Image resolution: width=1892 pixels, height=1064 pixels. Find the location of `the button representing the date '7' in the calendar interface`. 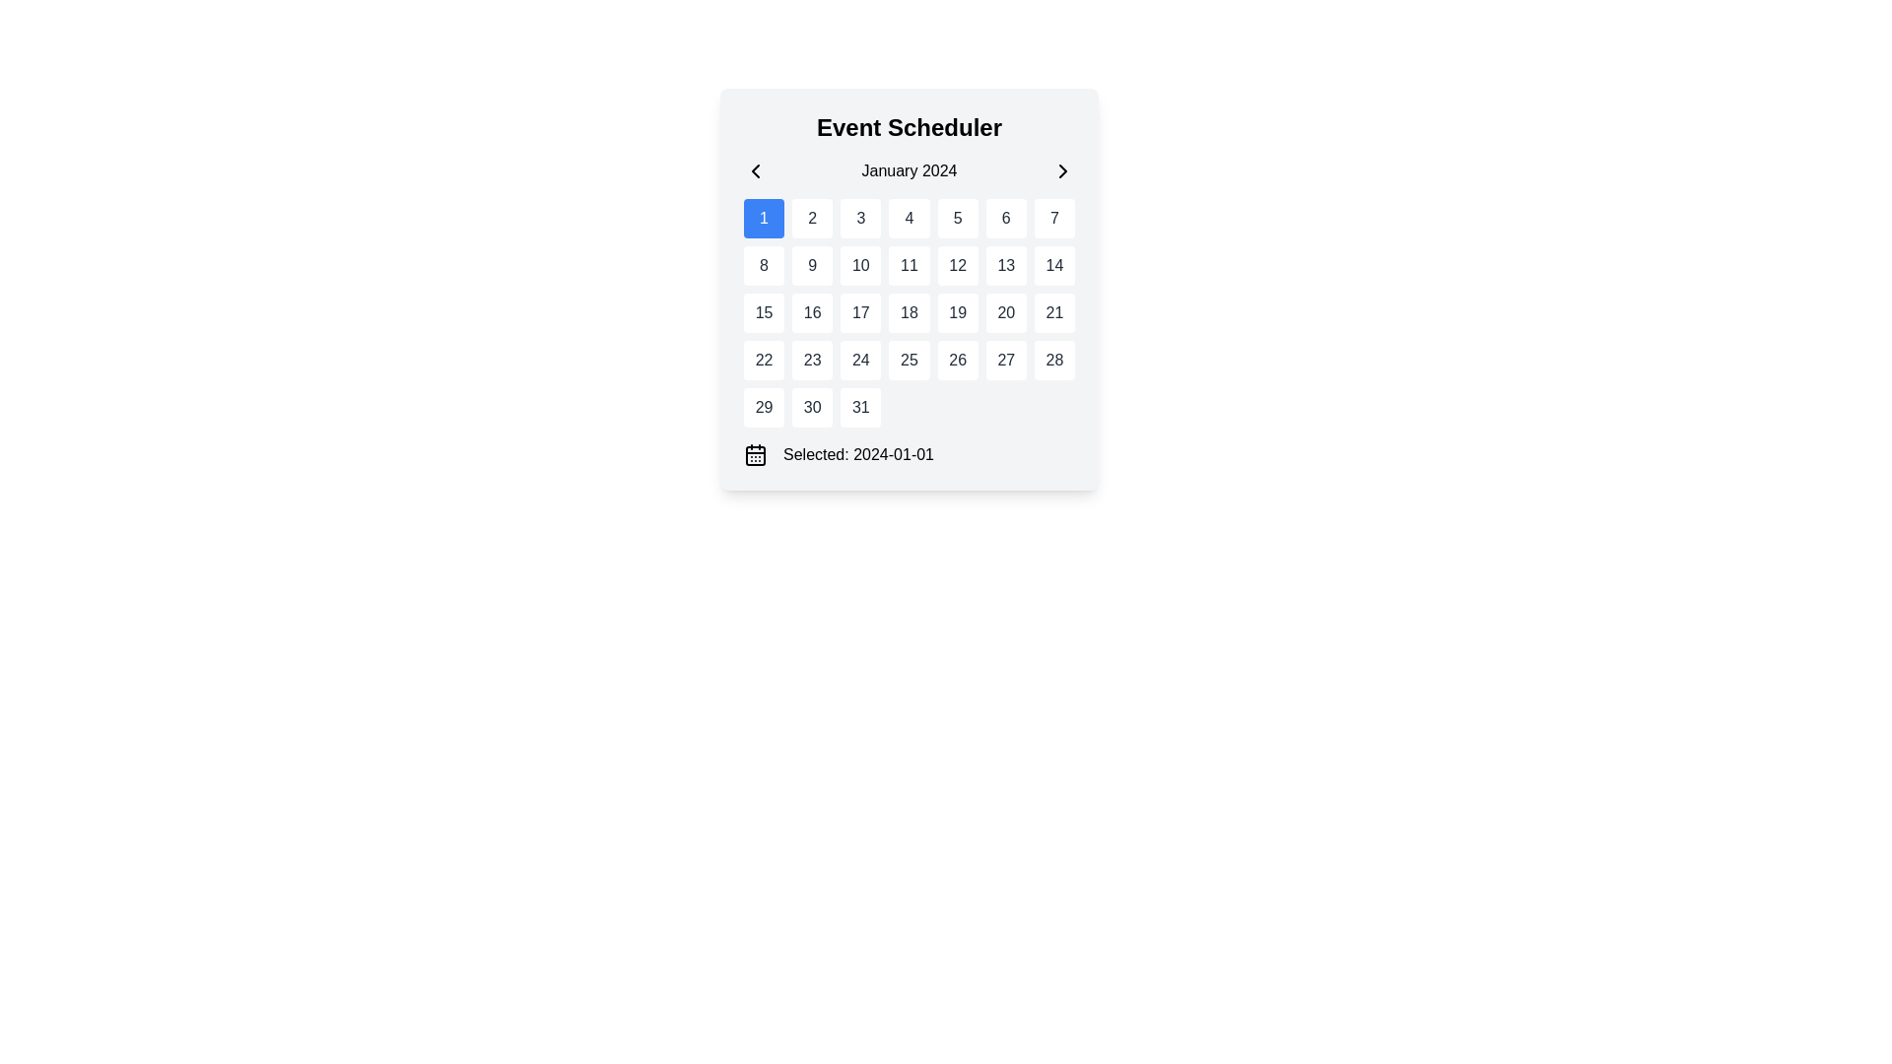

the button representing the date '7' in the calendar interface is located at coordinates (1053, 219).